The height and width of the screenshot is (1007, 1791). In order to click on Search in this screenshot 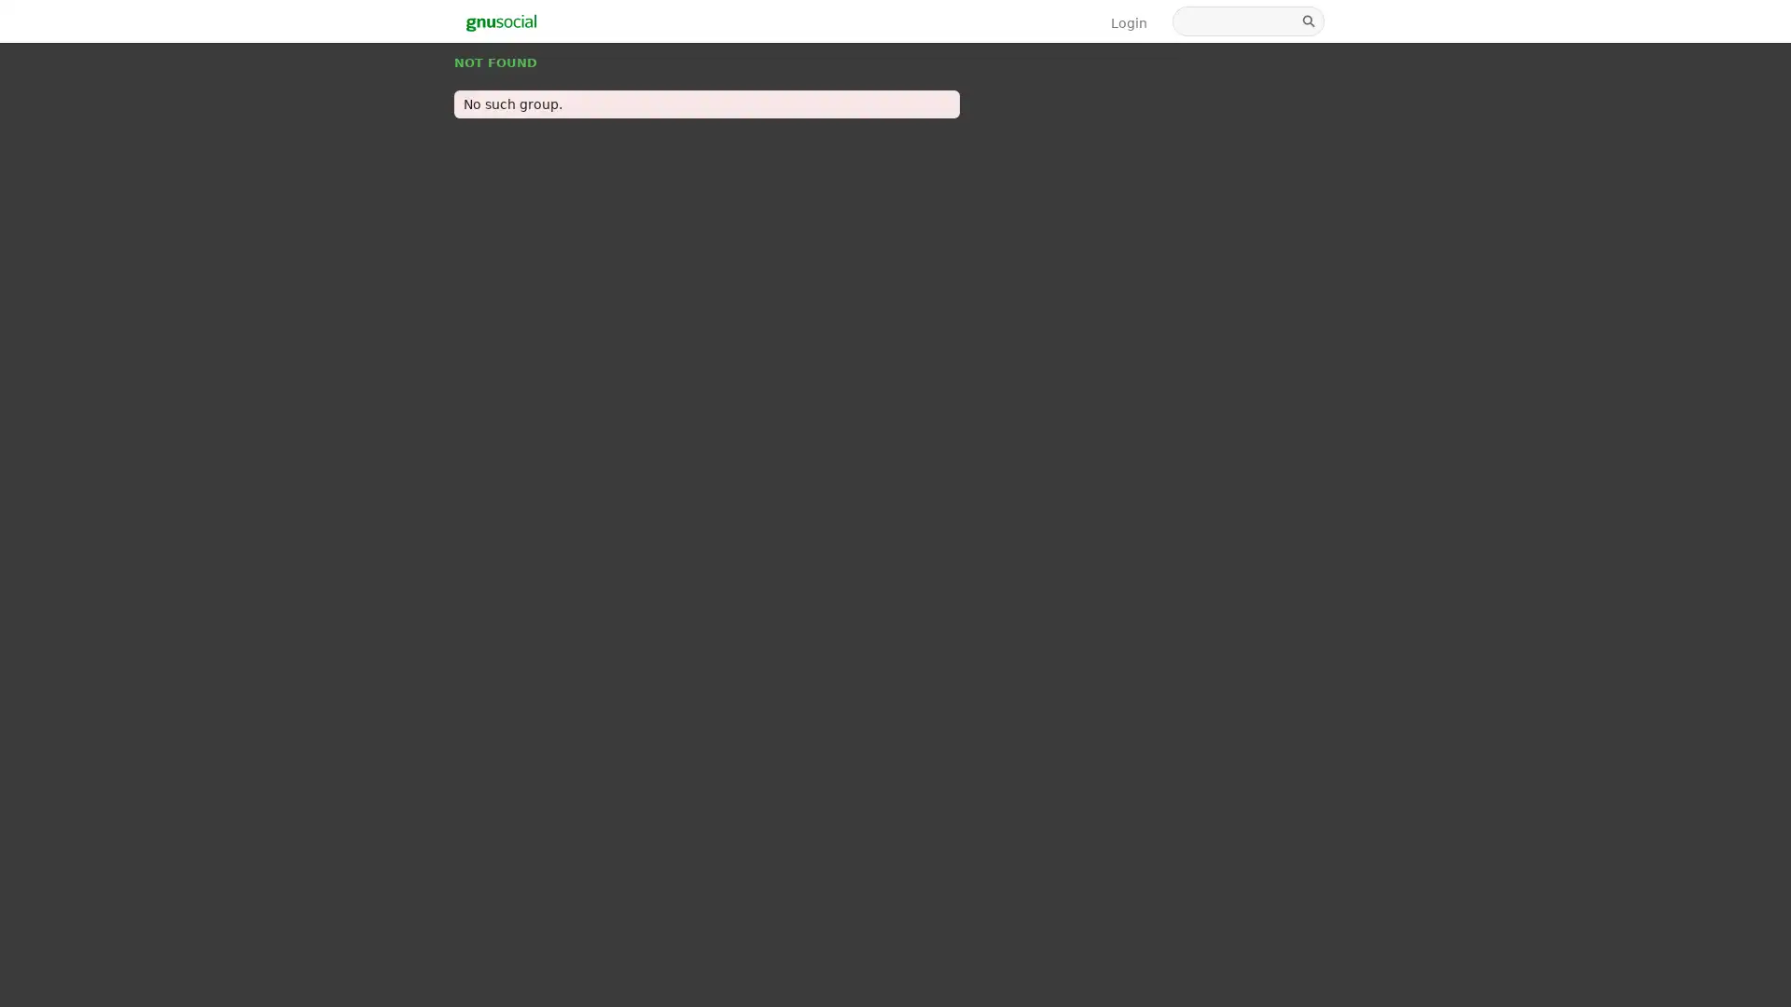, I will do `click(1310, 21)`.